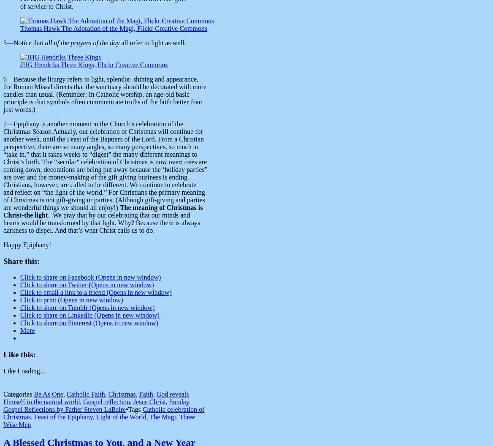 This screenshot has height=446, width=493. I want to click on '6—Because the liturgy refers to light, splendor, shining and appearance, the Roman Missal directs that the sanctuary should be decorated with more candles than usual. (Reminder: In Catholic worship, an age-old basic principle is that symbols often communicate truths of the faith better than just words.)', so click(104, 93).